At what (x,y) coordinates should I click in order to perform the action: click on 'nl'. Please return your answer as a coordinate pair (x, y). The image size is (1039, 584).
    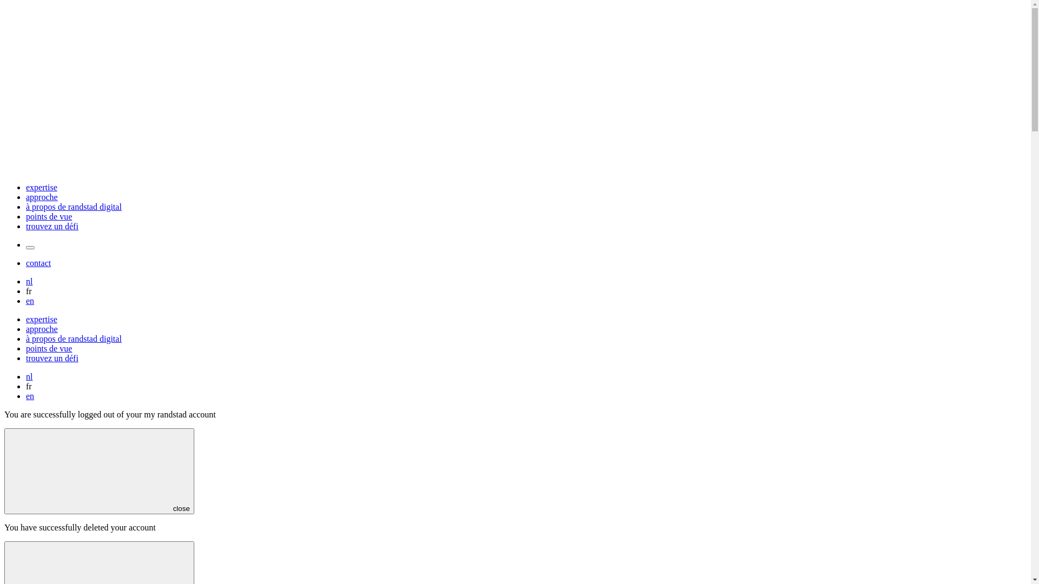
    Looking at the image, I should click on (29, 376).